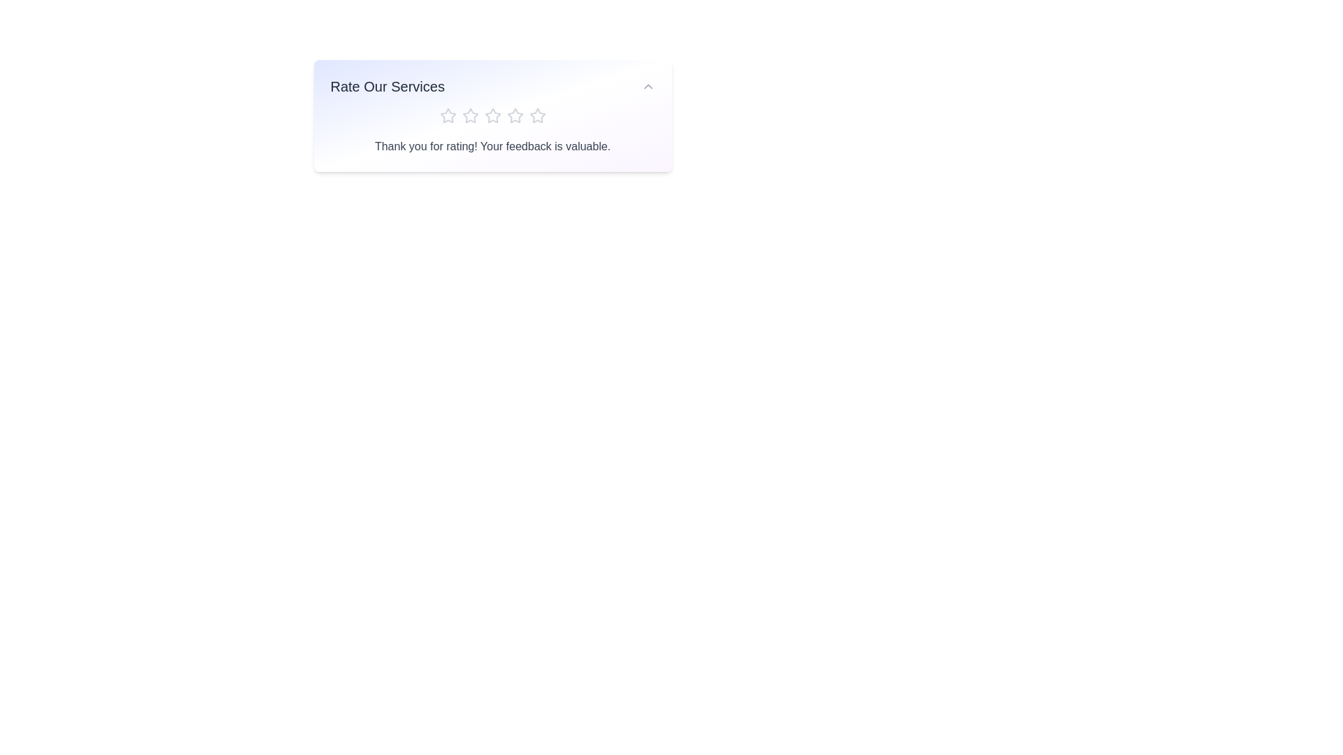 The image size is (1343, 755). I want to click on the star corresponding to the desired rating 1, so click(448, 115).